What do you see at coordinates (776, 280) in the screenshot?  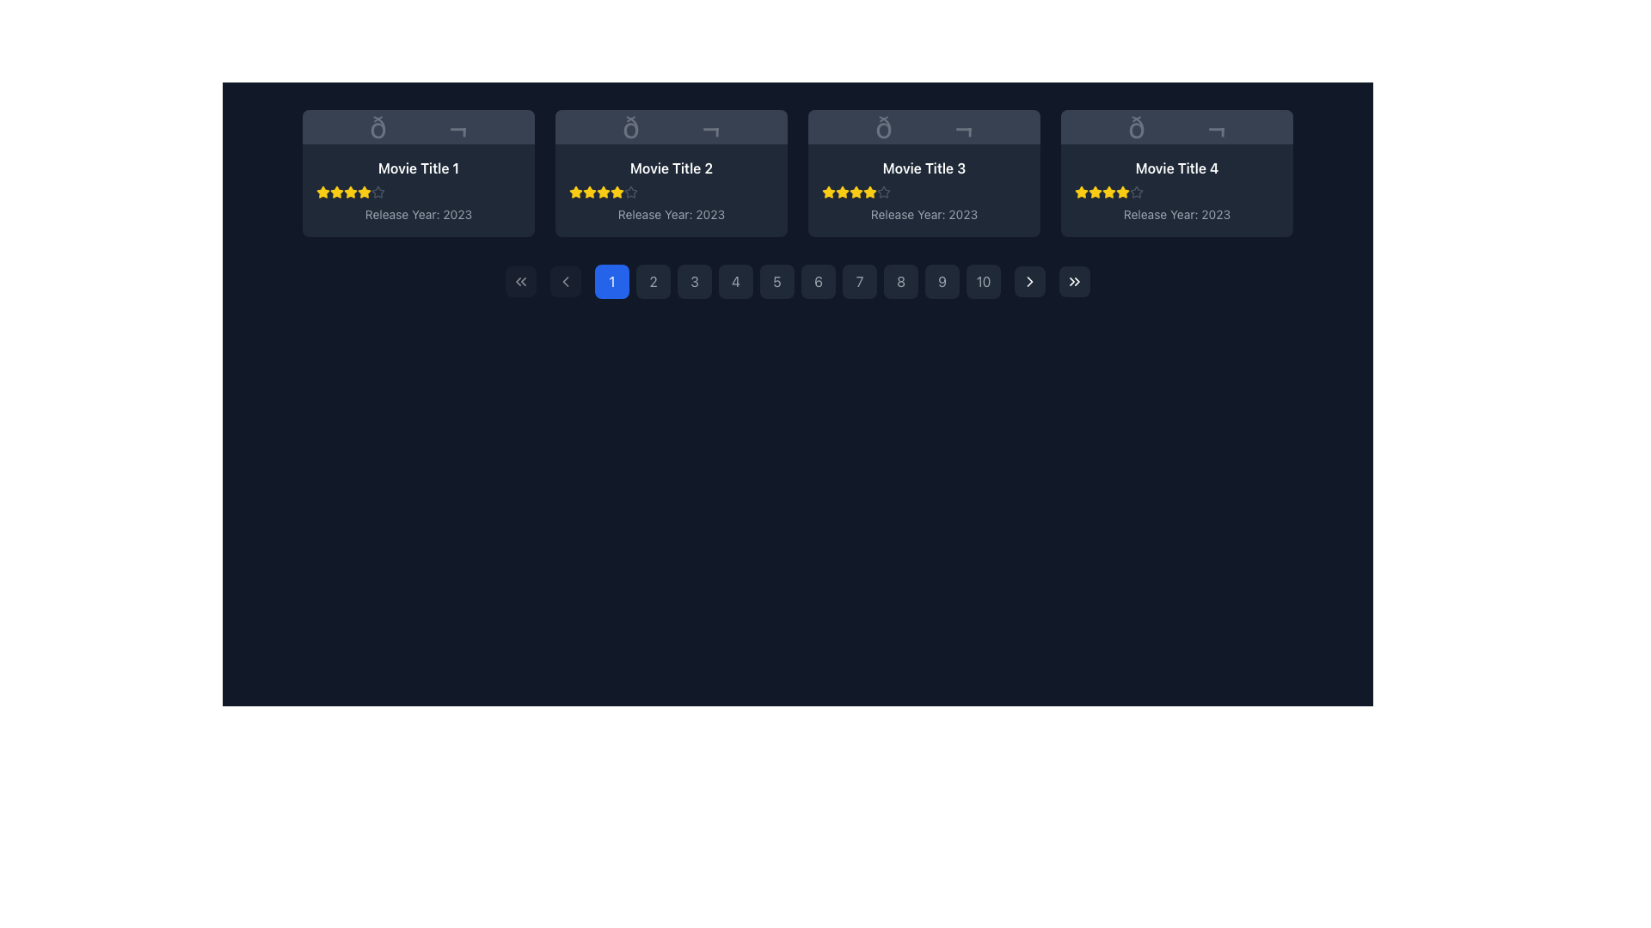 I see `the rounded square-shaped button with a dark gray background displaying the number '5'` at bounding box center [776, 280].